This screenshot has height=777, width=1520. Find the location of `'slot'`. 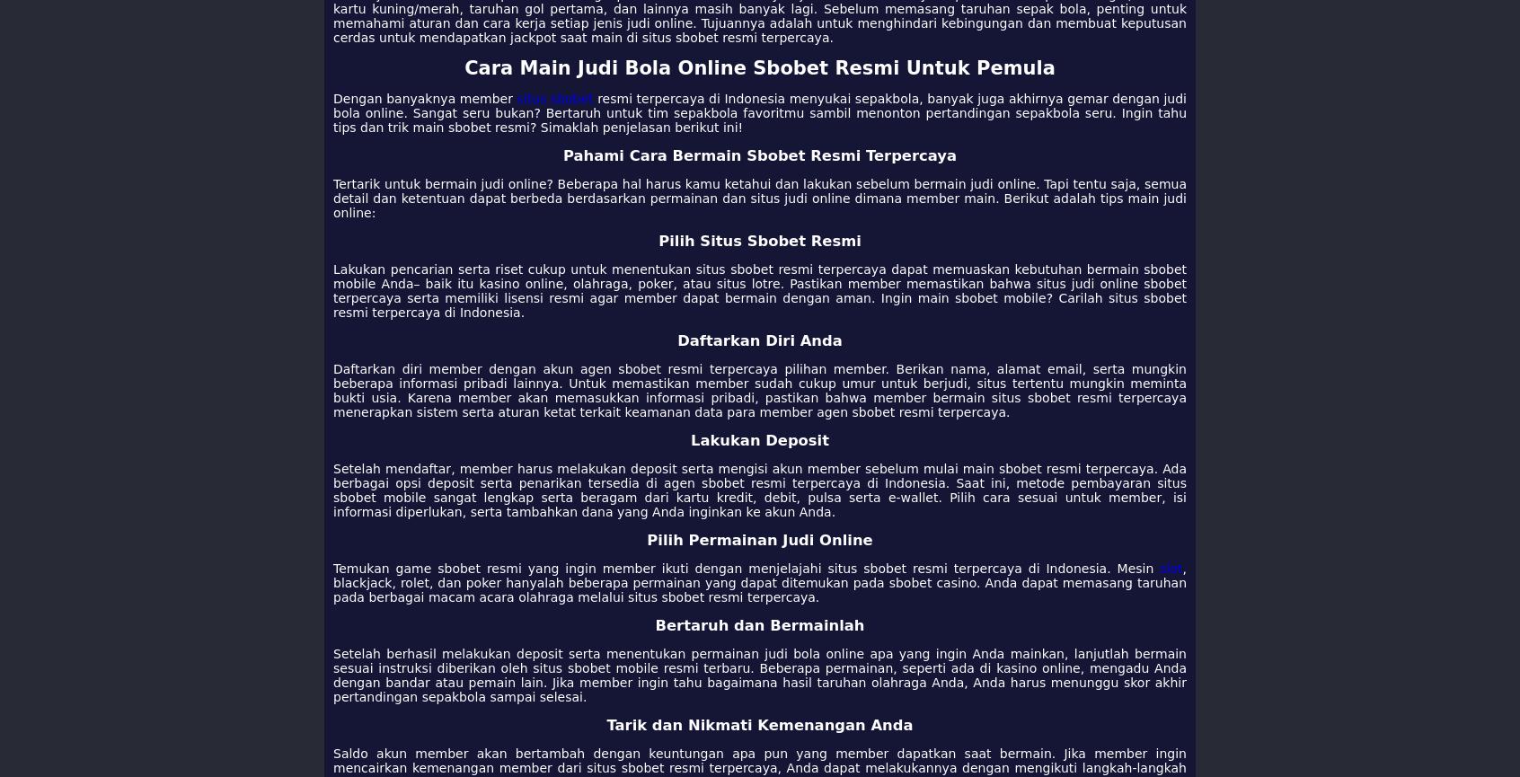

'slot' is located at coordinates (1170, 569).